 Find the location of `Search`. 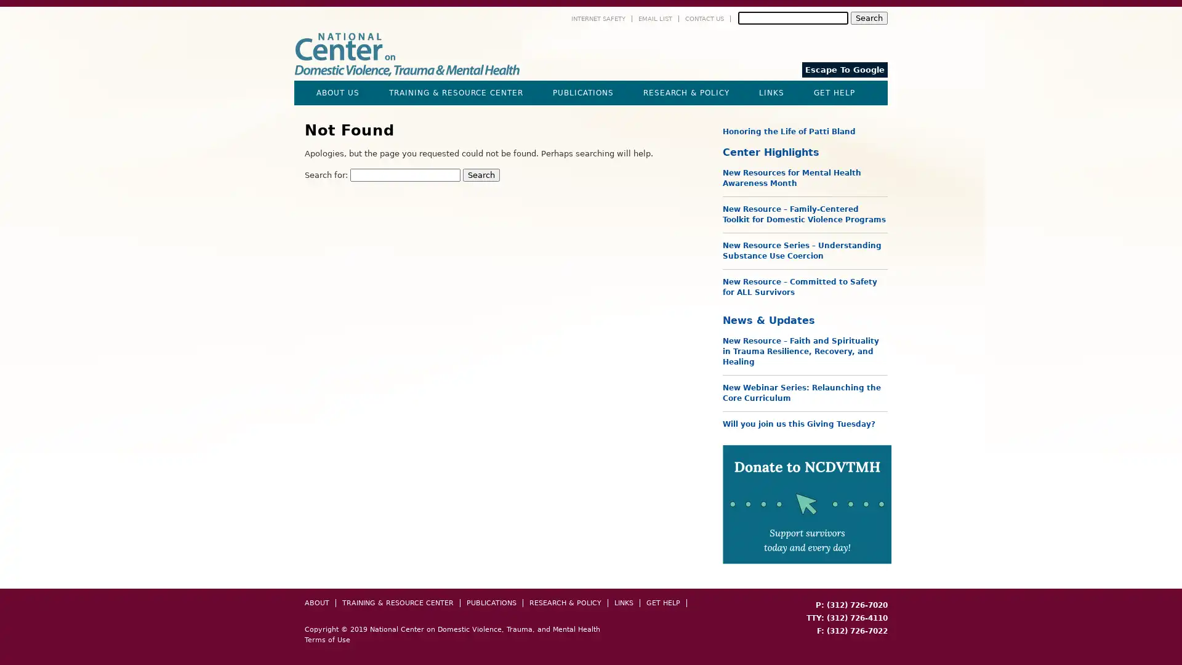

Search is located at coordinates (481, 175).